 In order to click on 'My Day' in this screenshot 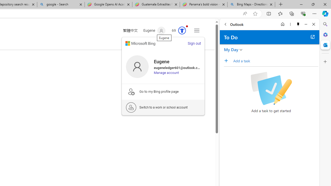, I will do `click(231, 49)`.